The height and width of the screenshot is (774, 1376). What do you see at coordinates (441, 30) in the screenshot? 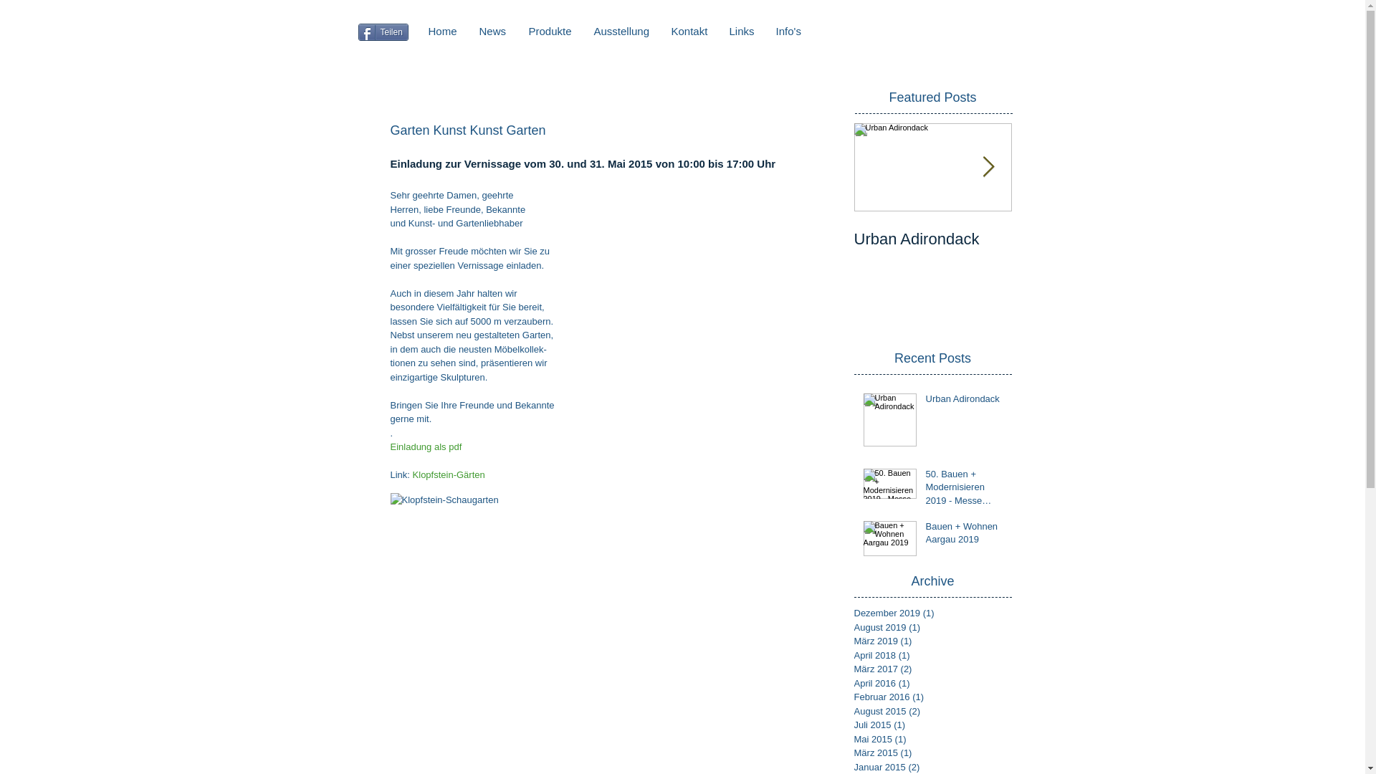
I see `'Home'` at bounding box center [441, 30].